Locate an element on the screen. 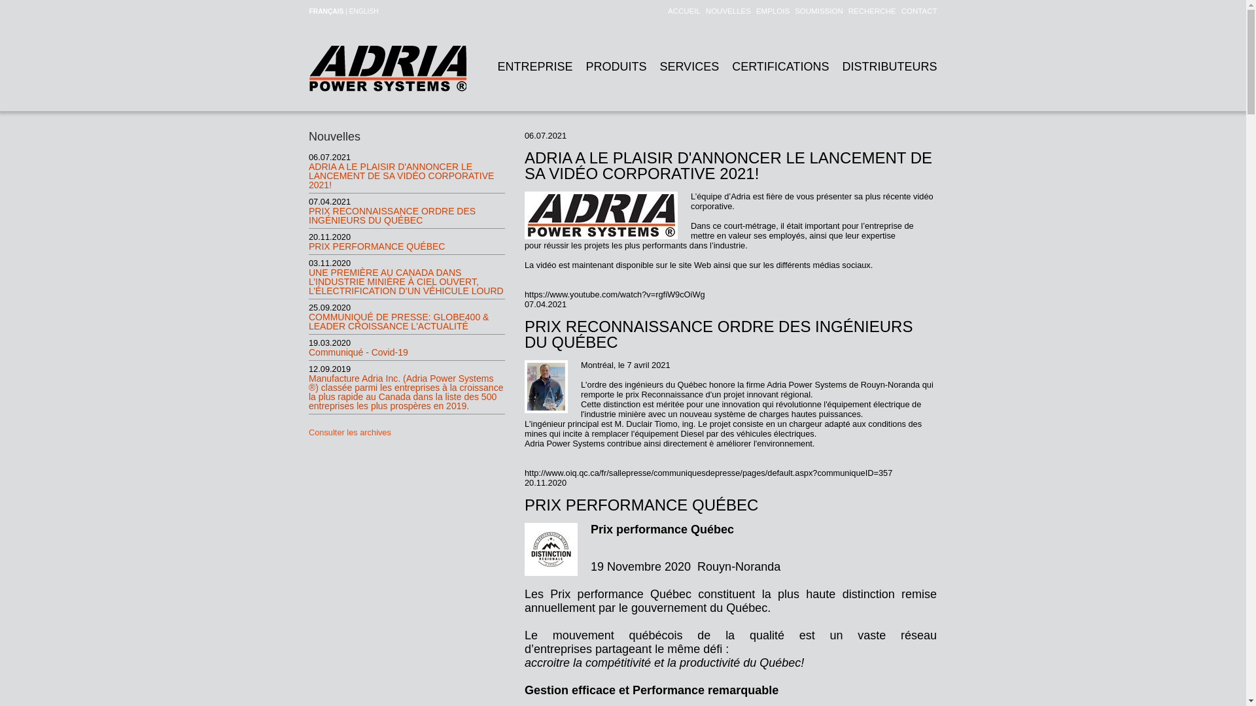  'RECHERCHE' is located at coordinates (843, 10).